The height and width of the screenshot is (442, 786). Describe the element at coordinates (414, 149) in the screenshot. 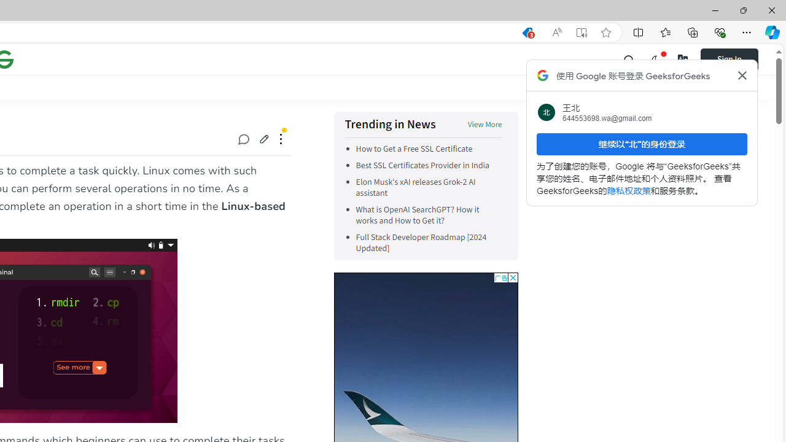

I see `'How to Get a Free SSL Certificate'` at that location.